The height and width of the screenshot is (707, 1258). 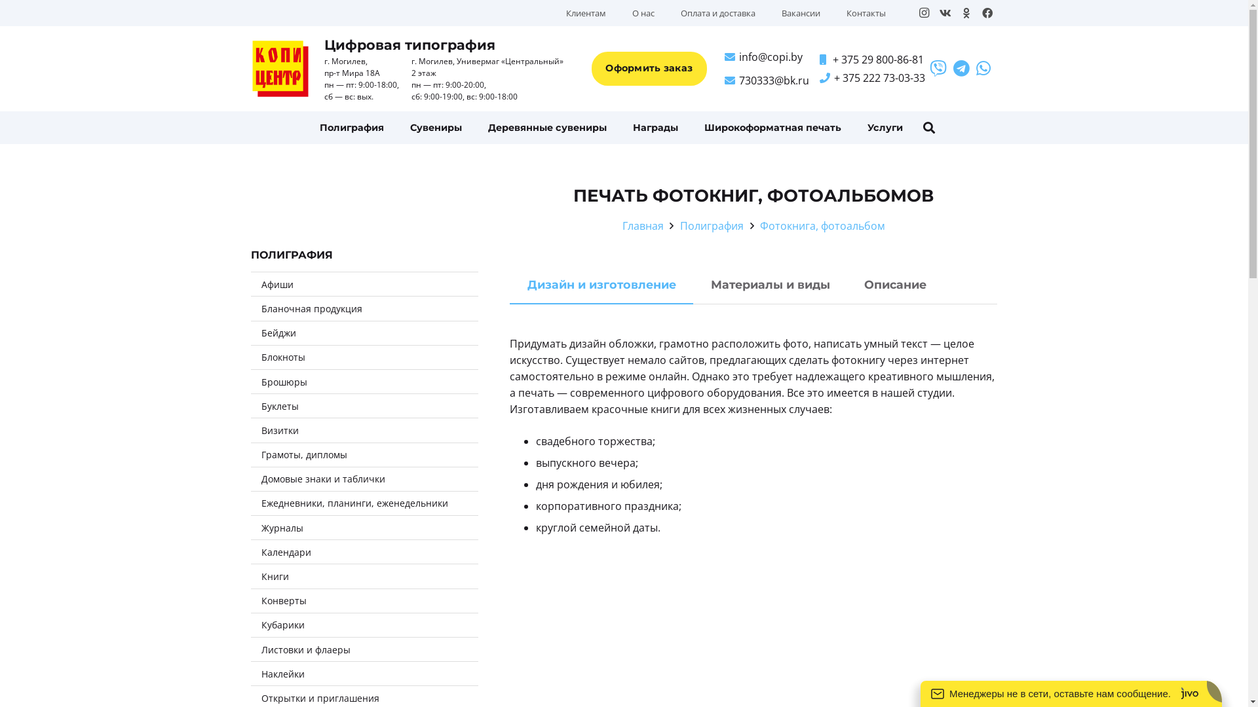 What do you see at coordinates (819, 60) in the screenshot?
I see `'+ 375 29 800-86-81'` at bounding box center [819, 60].